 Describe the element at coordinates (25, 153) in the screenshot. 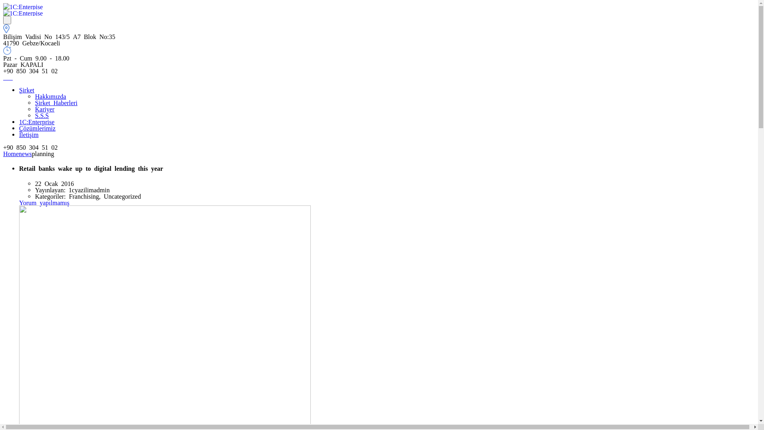

I see `'news'` at that location.